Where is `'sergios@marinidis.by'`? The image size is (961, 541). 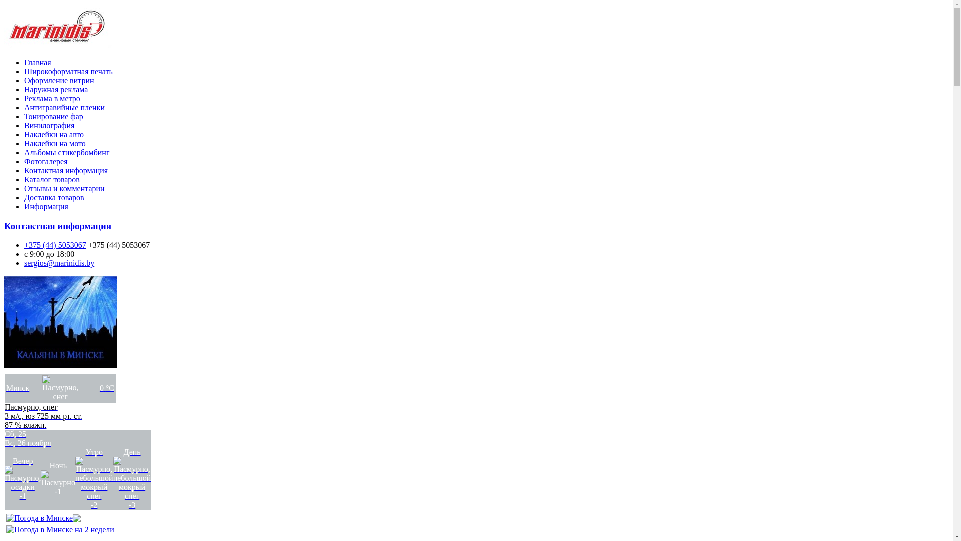
'sergios@marinidis.by' is located at coordinates (59, 262).